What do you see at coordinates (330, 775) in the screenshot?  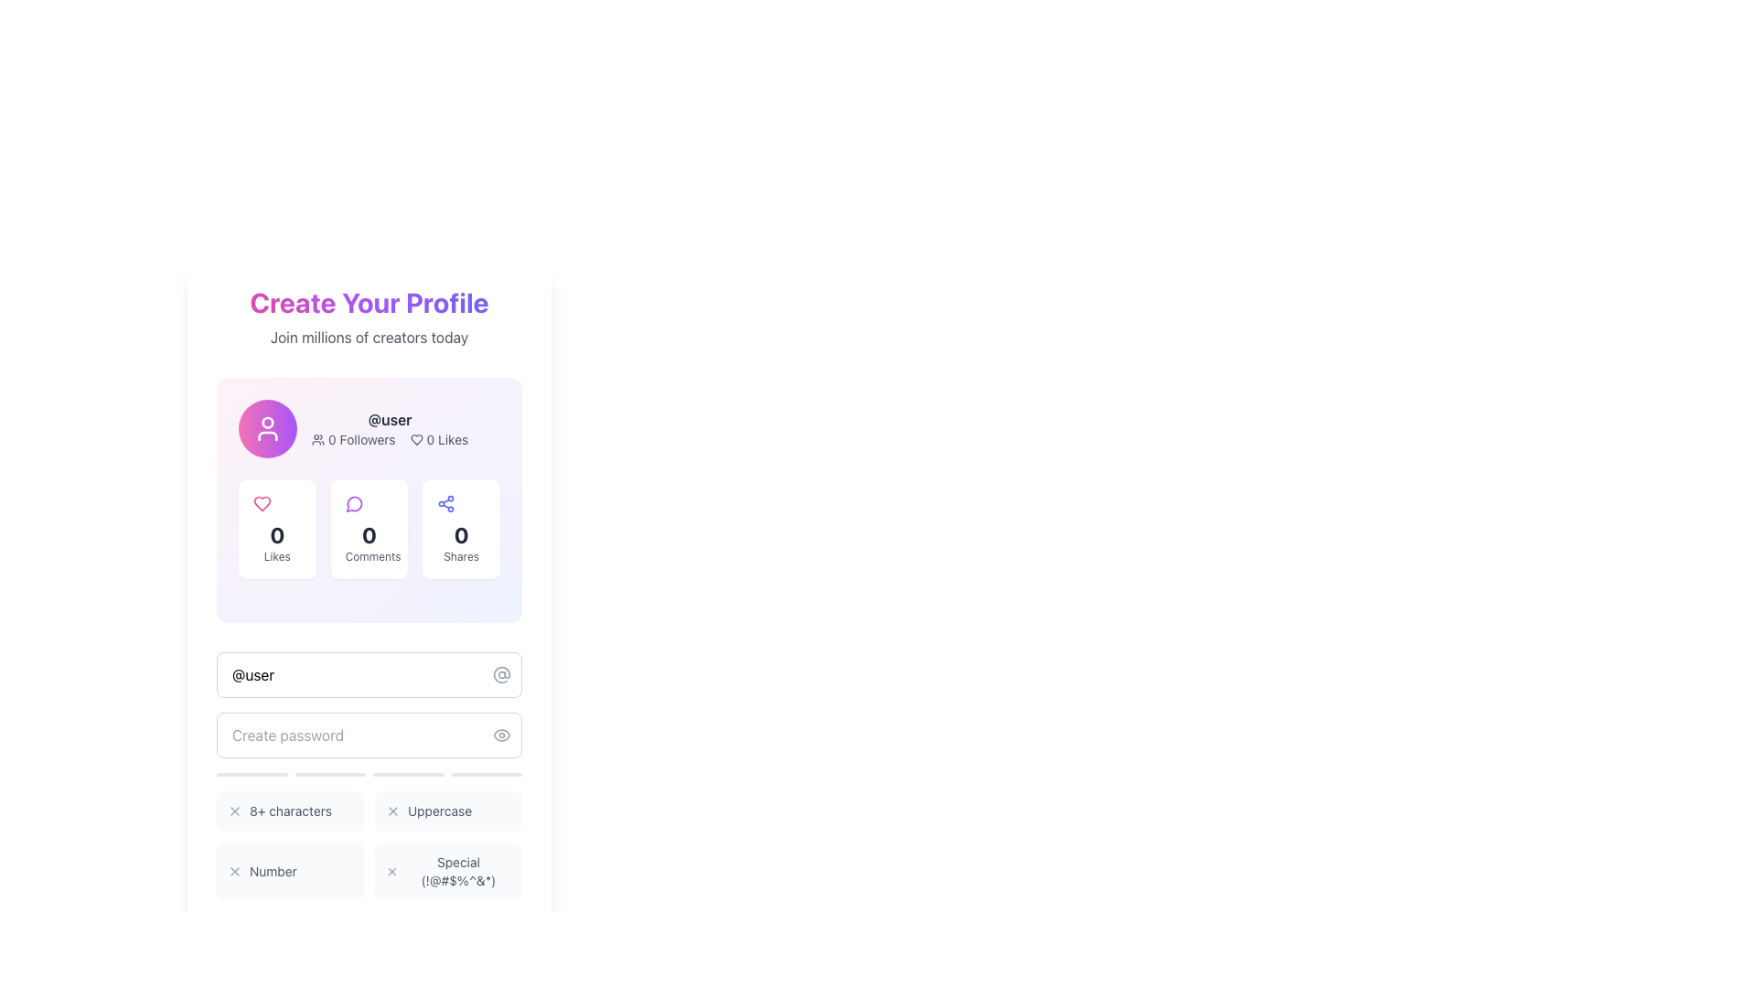 I see `the second progress bar segment in a horizontal group of four, which has a gray background and rounded ends, located near the bottom of the interface` at bounding box center [330, 775].